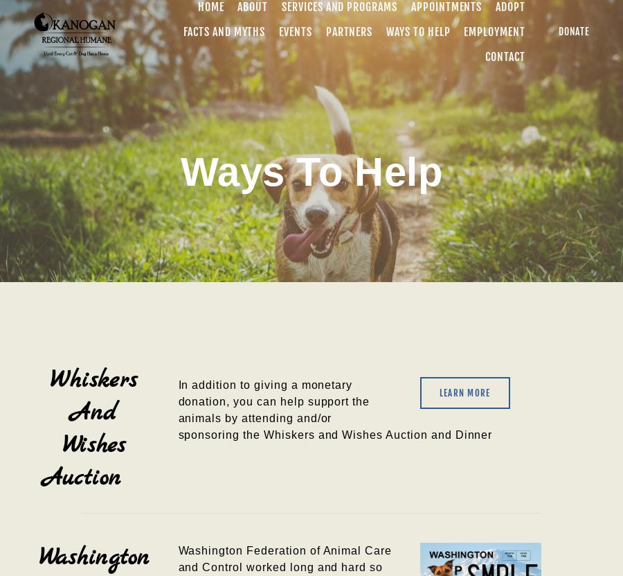 The width and height of the screenshot is (623, 576). I want to click on 'Donate', so click(573, 30).